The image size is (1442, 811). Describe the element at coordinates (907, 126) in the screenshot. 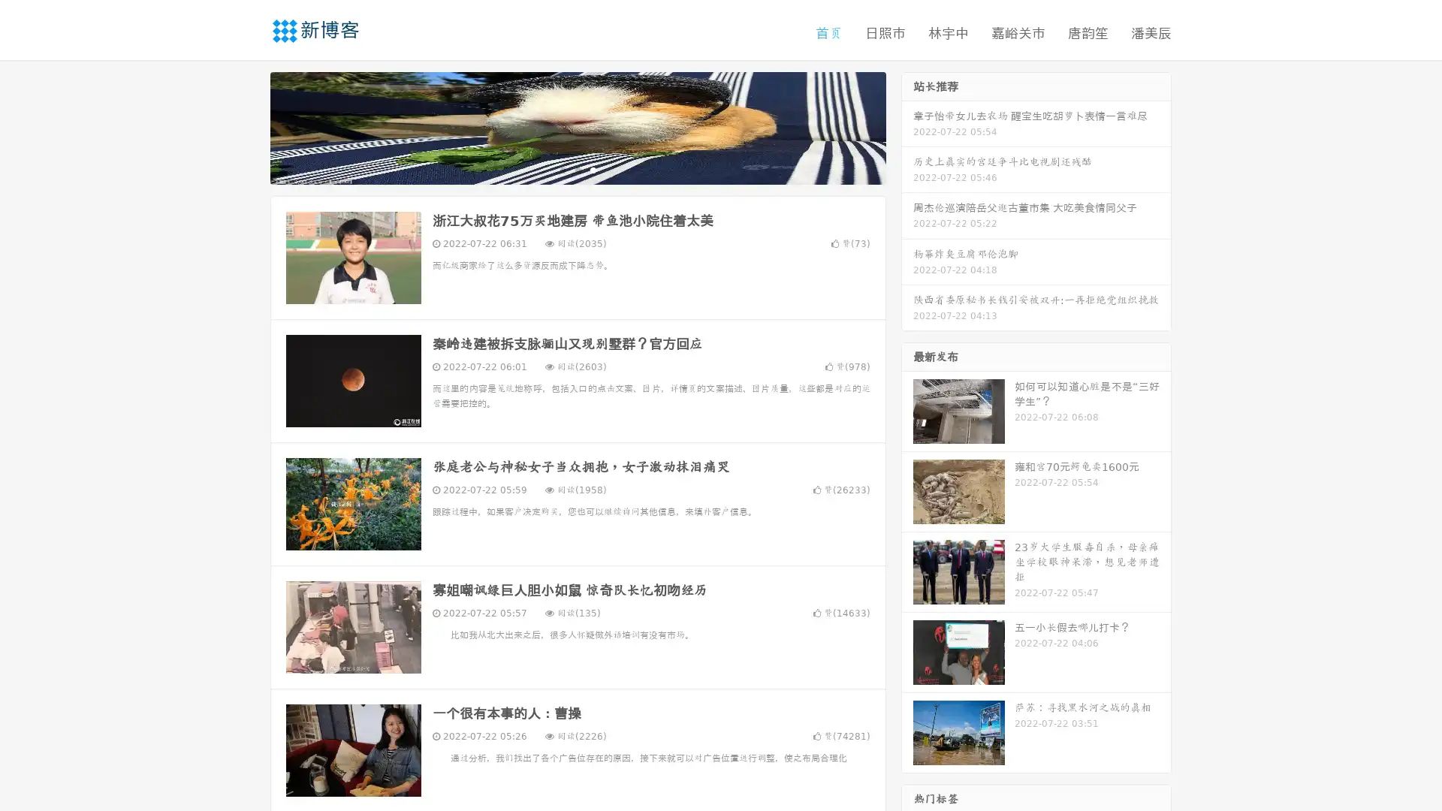

I see `Next slide` at that location.